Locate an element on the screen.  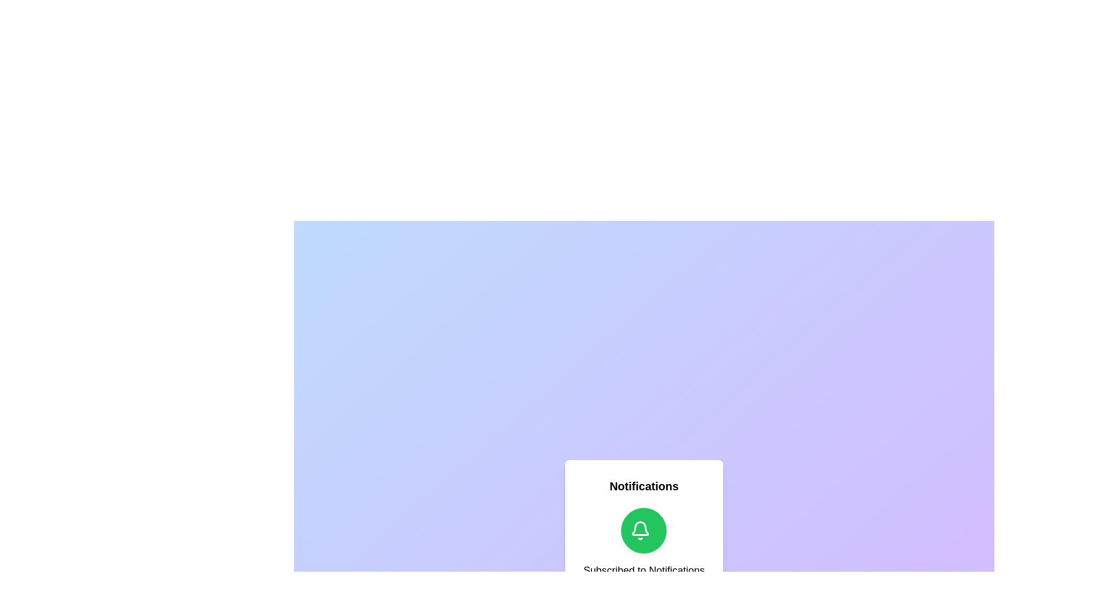
the circle button to toggle the notification subscription is located at coordinates (644, 531).